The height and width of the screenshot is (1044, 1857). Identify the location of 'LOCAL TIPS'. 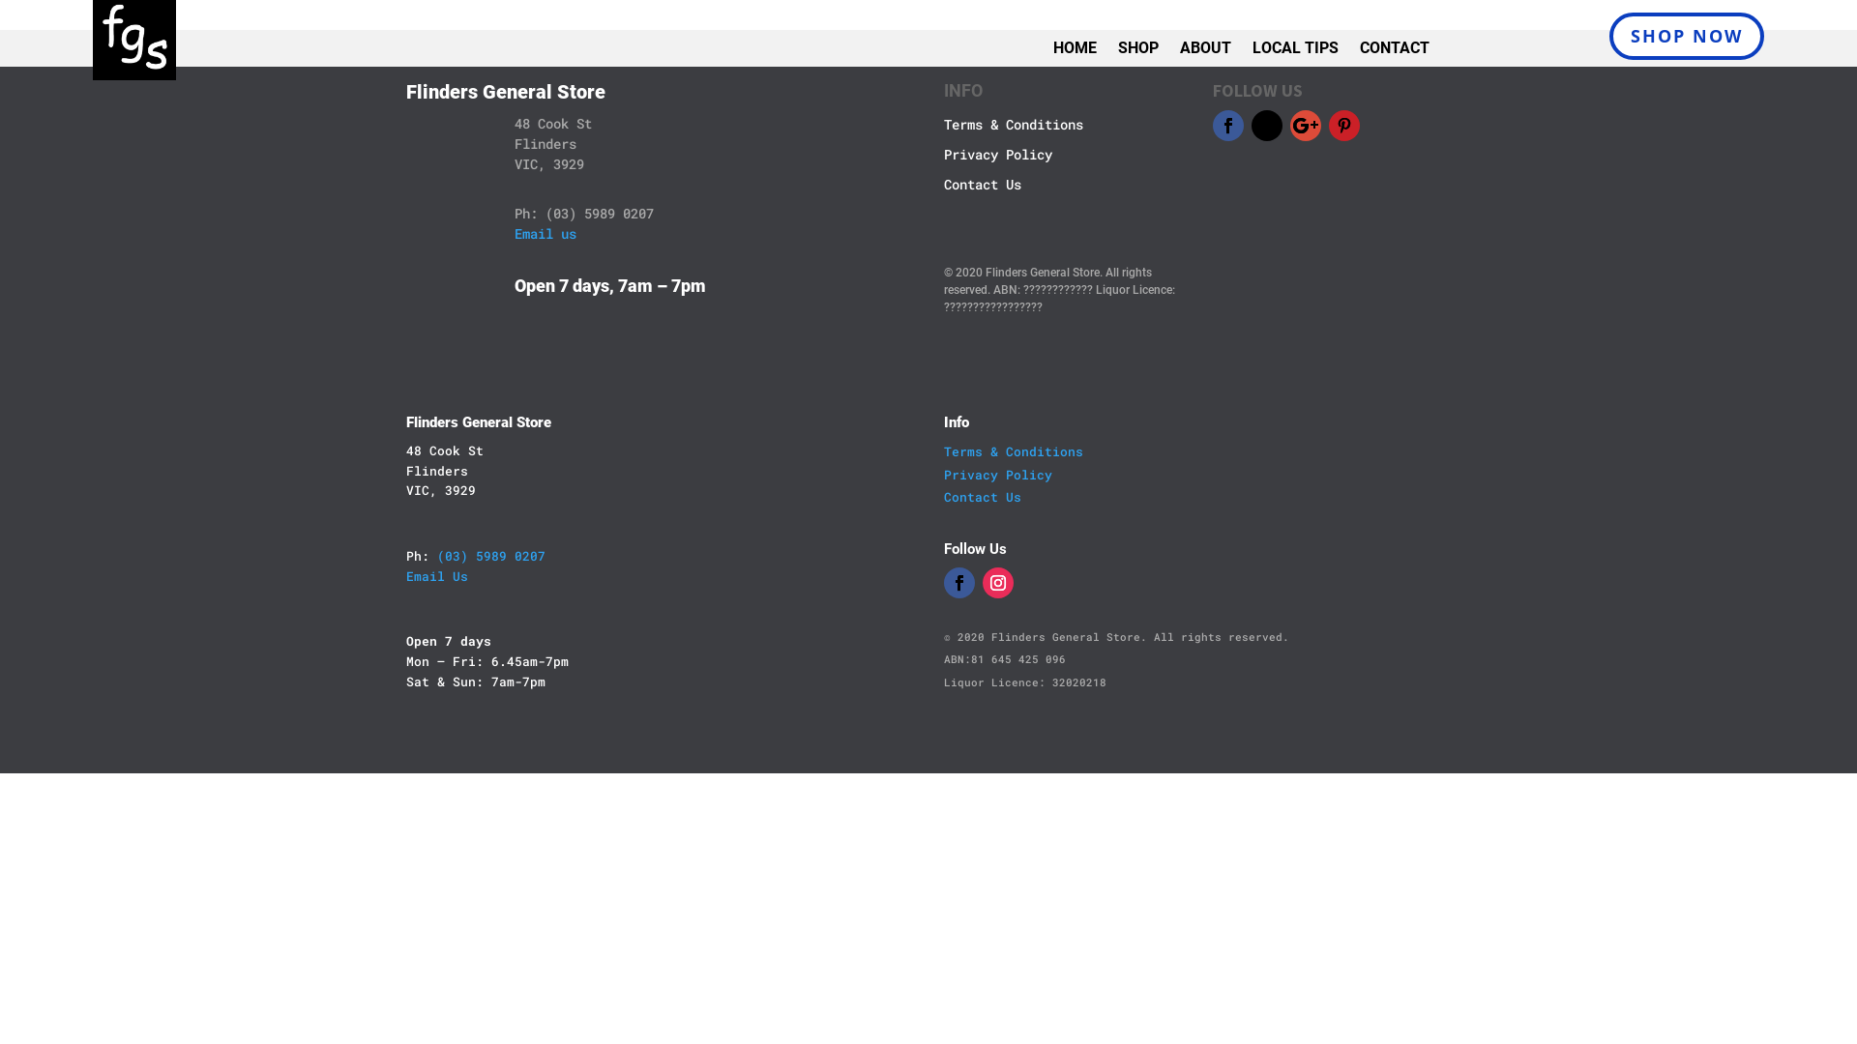
(1295, 51).